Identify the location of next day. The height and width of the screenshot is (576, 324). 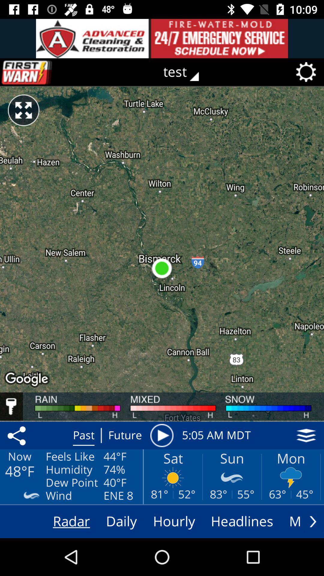
(313, 521).